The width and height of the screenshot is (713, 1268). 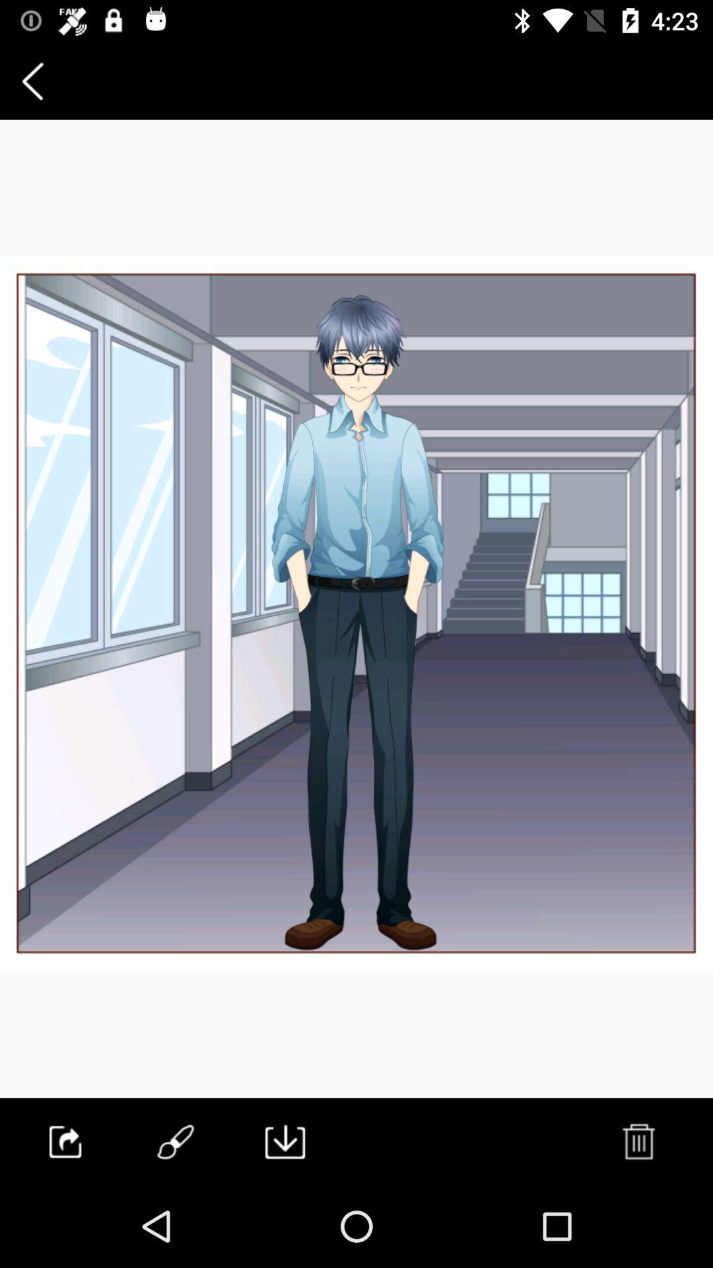 What do you see at coordinates (637, 1141) in the screenshot?
I see `the icon at the bottom right corner` at bounding box center [637, 1141].